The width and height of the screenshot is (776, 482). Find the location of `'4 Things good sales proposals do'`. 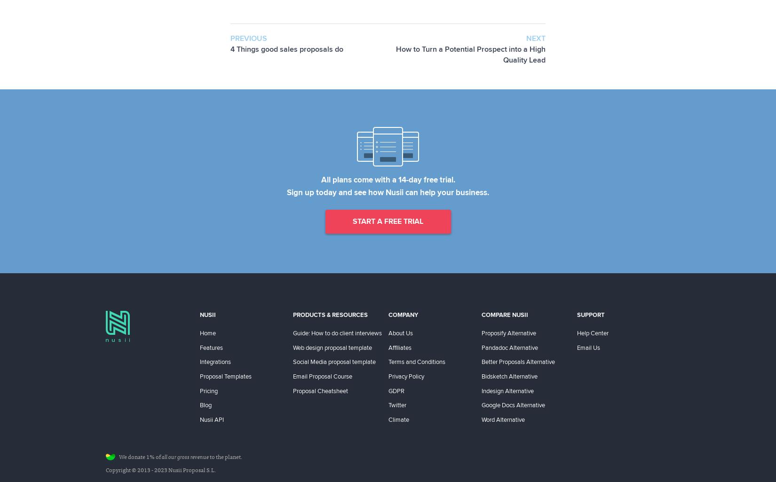

'4 Things good sales proposals do' is located at coordinates (286, 49).